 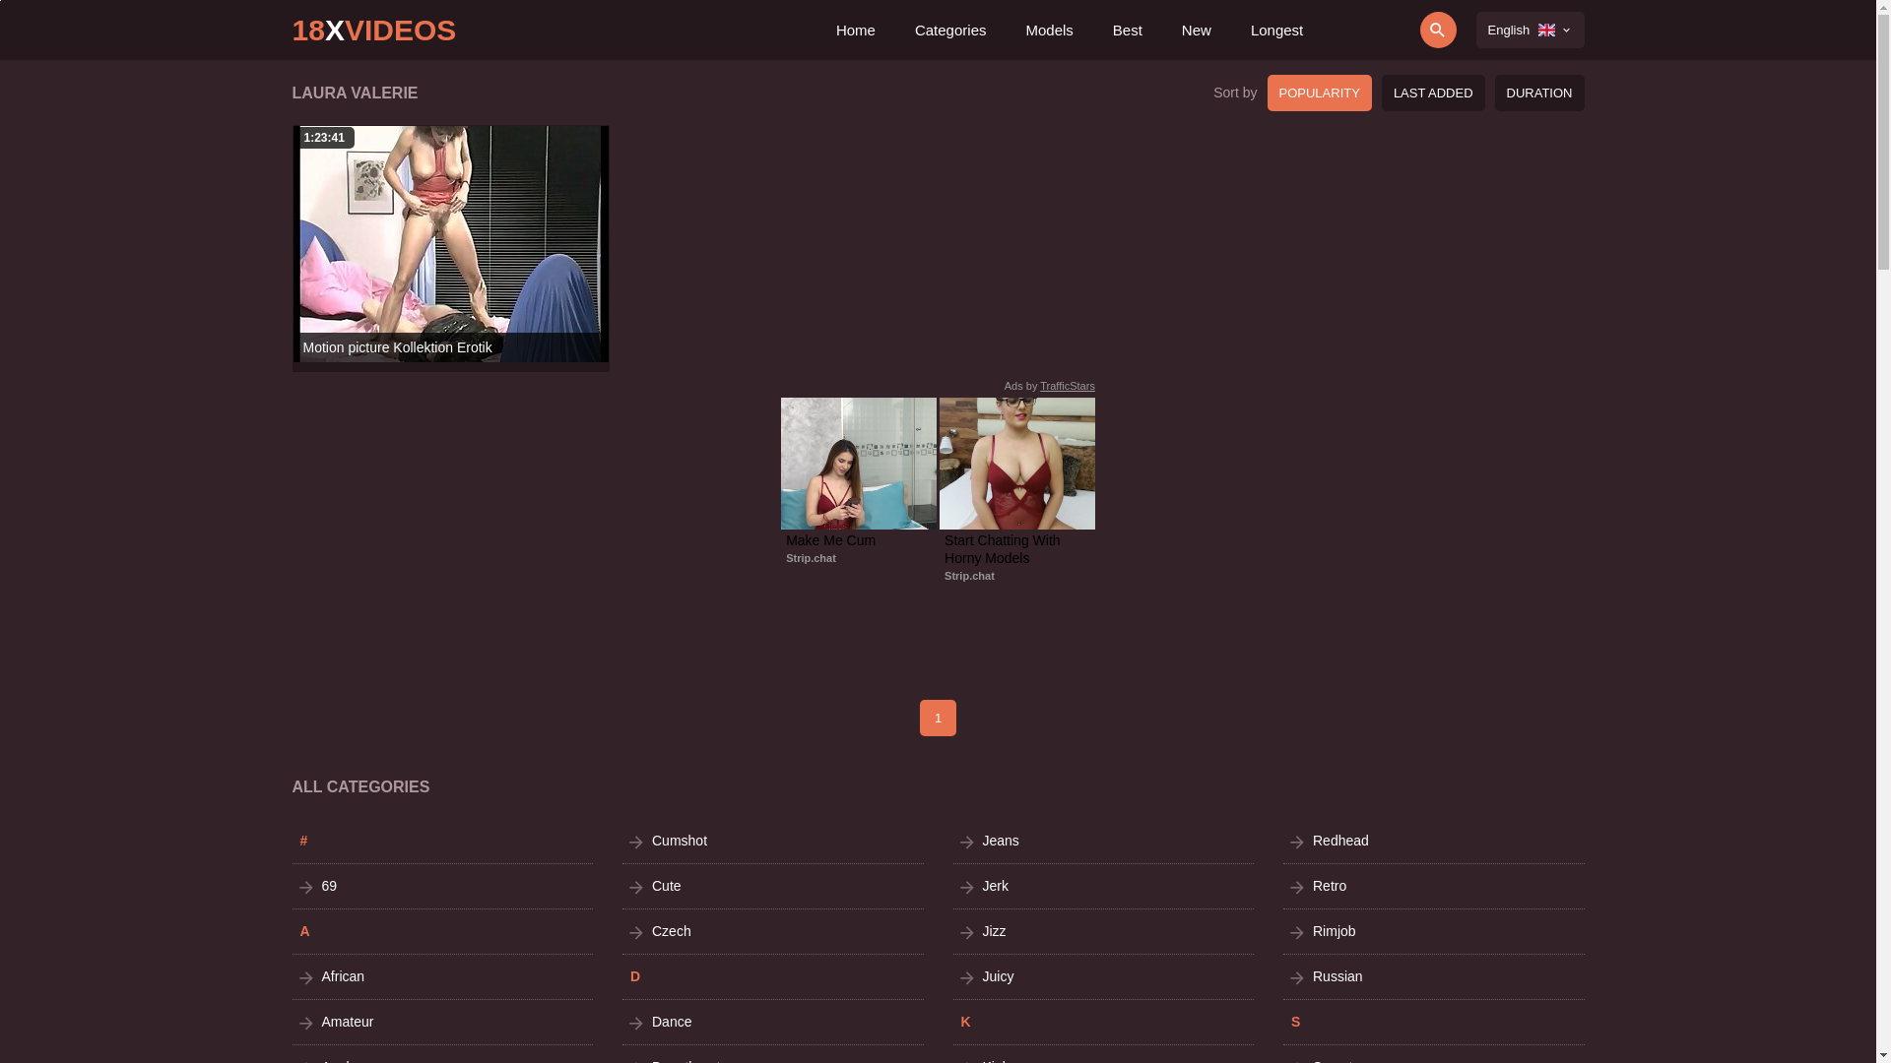 I want to click on 'African', so click(x=441, y=976).